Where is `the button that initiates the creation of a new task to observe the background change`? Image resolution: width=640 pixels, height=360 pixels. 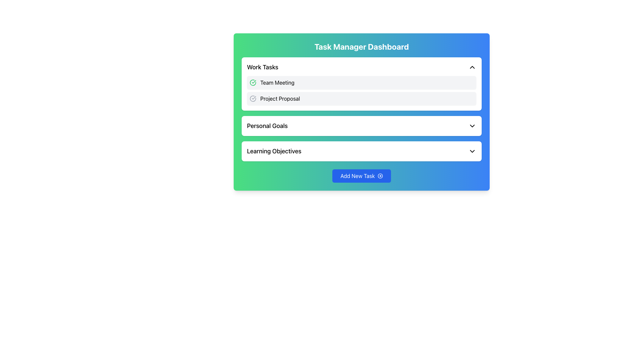
the button that initiates the creation of a new task to observe the background change is located at coordinates (361, 176).